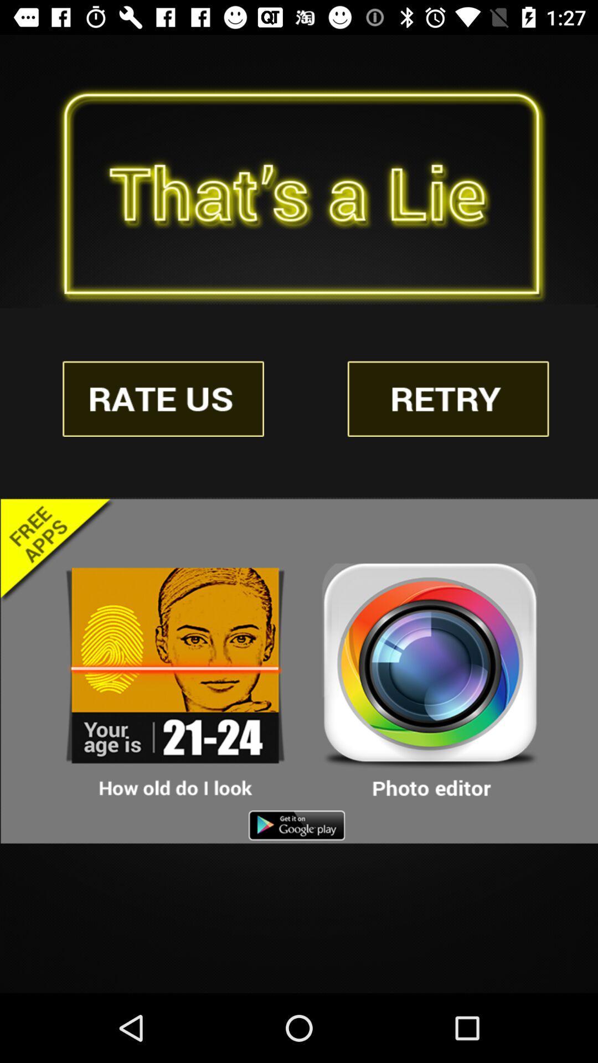  What do you see at coordinates (447, 399) in the screenshot?
I see `refresh content` at bounding box center [447, 399].